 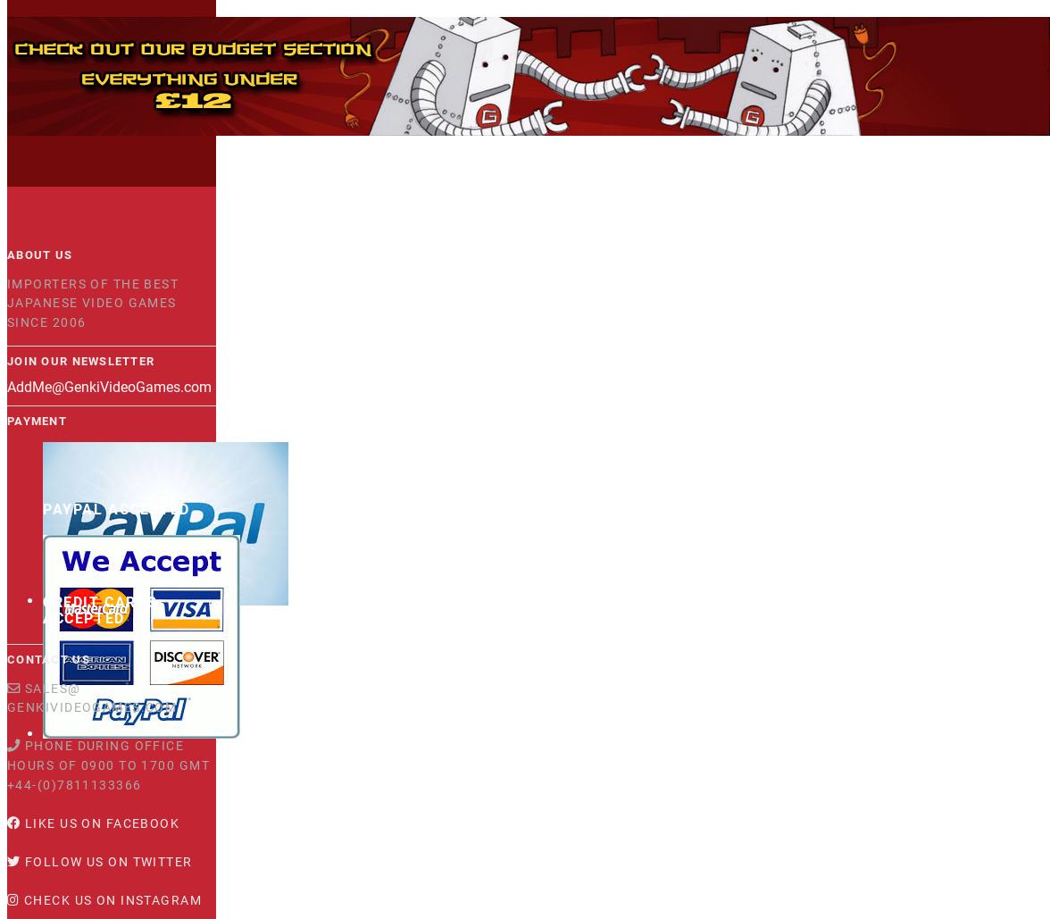 What do you see at coordinates (109, 385) in the screenshot?
I see `'AddMe@GenkiVideoGames.com'` at bounding box center [109, 385].